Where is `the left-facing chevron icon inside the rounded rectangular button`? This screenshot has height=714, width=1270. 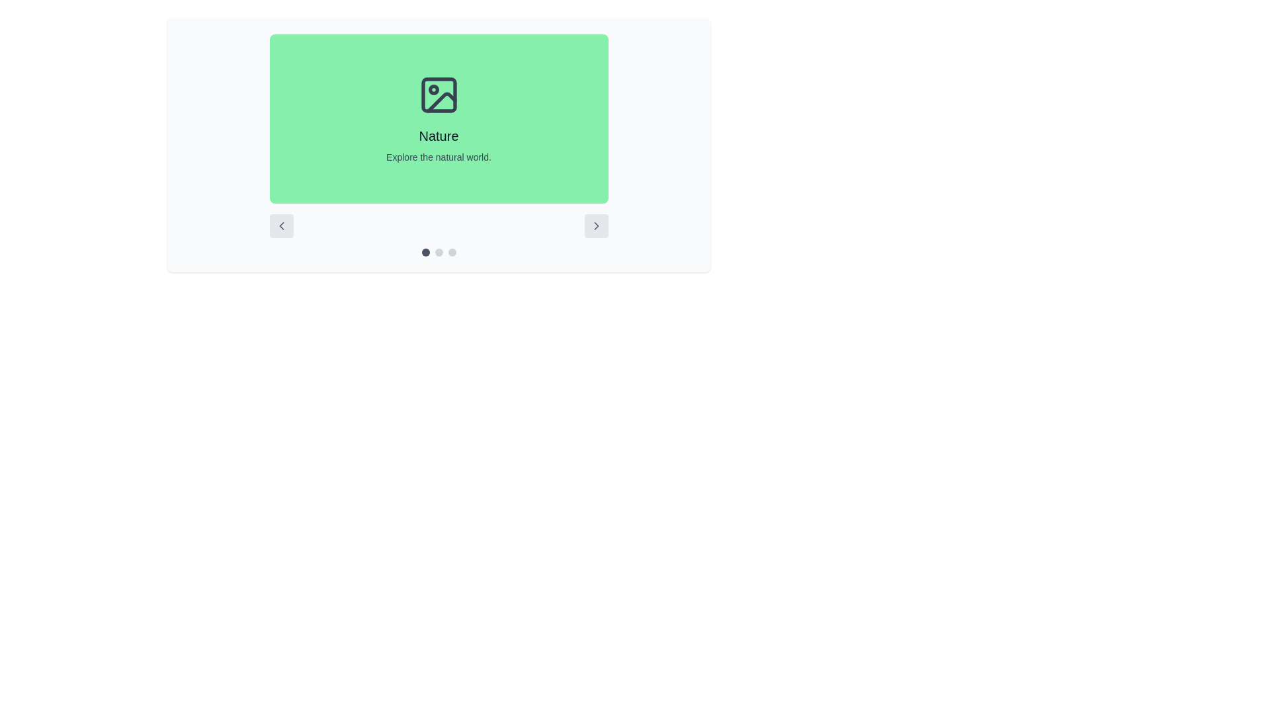 the left-facing chevron icon inside the rounded rectangular button is located at coordinates (280, 225).